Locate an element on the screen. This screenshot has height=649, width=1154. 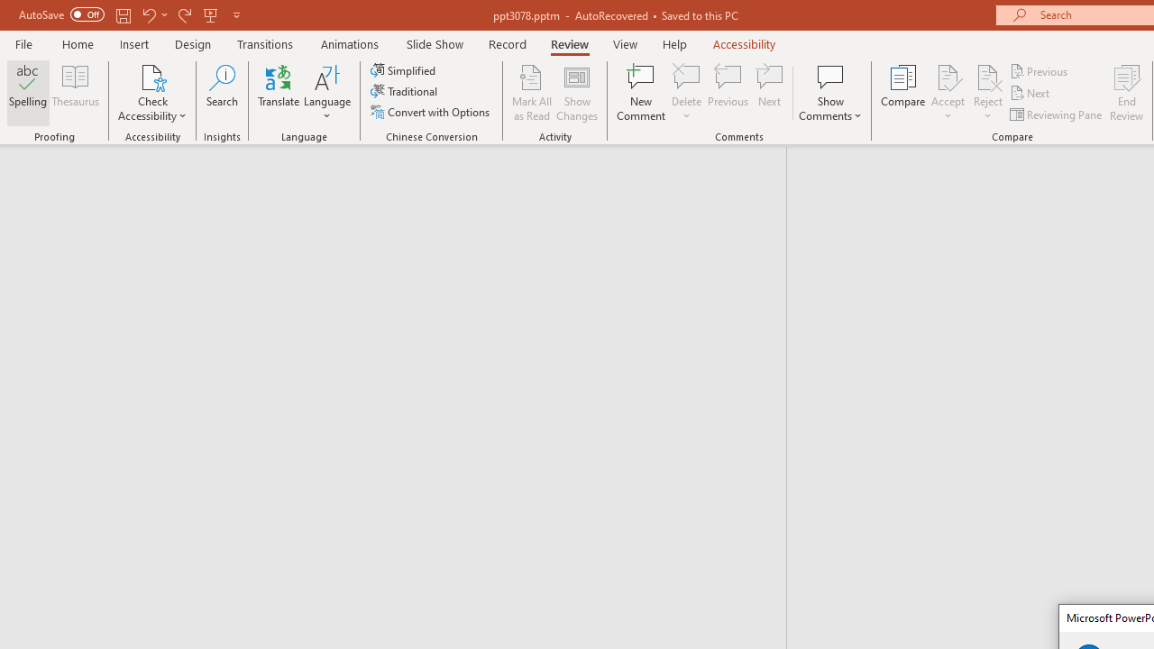
'Reject' is located at coordinates (987, 93).